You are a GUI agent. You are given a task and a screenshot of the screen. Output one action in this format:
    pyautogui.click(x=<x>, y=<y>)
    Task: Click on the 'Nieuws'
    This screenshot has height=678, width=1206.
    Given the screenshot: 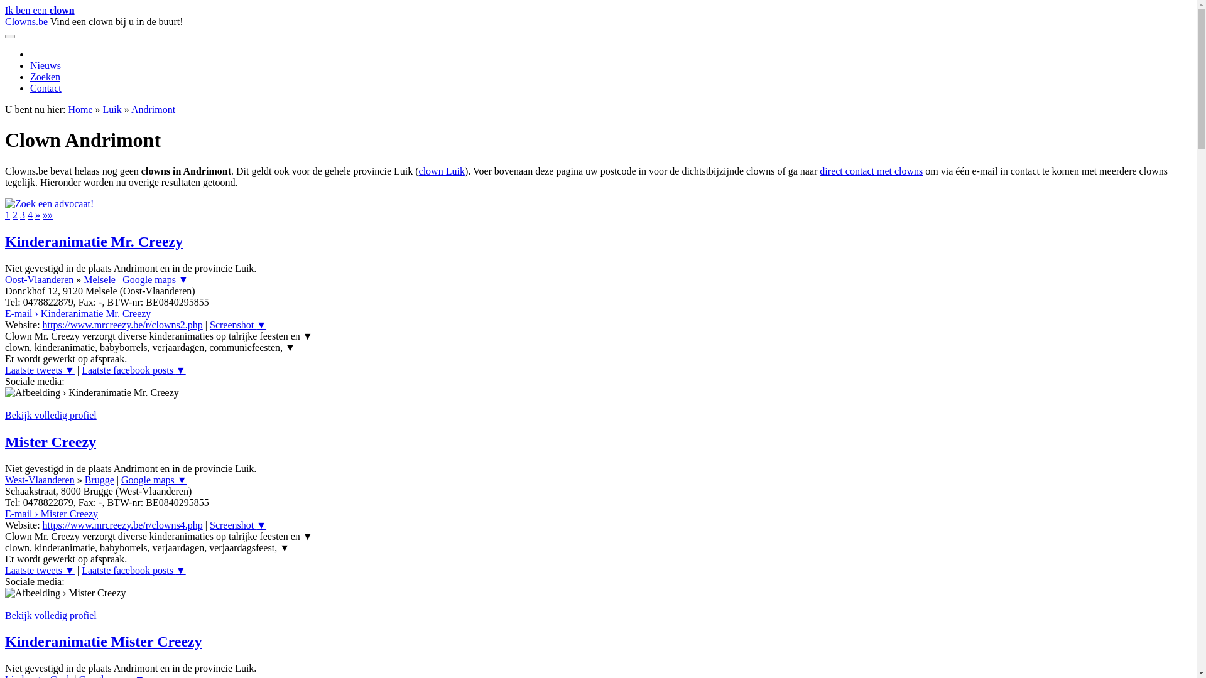 What is the action you would take?
    pyautogui.click(x=30, y=65)
    